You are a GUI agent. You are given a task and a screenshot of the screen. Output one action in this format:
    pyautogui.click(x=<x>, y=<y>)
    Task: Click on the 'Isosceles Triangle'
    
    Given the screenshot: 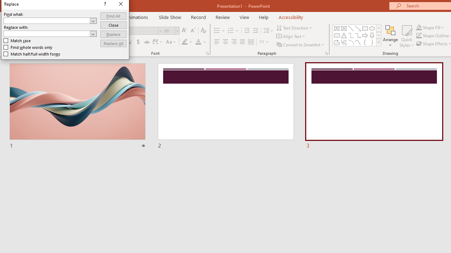 What is the action you would take?
    pyautogui.click(x=344, y=35)
    